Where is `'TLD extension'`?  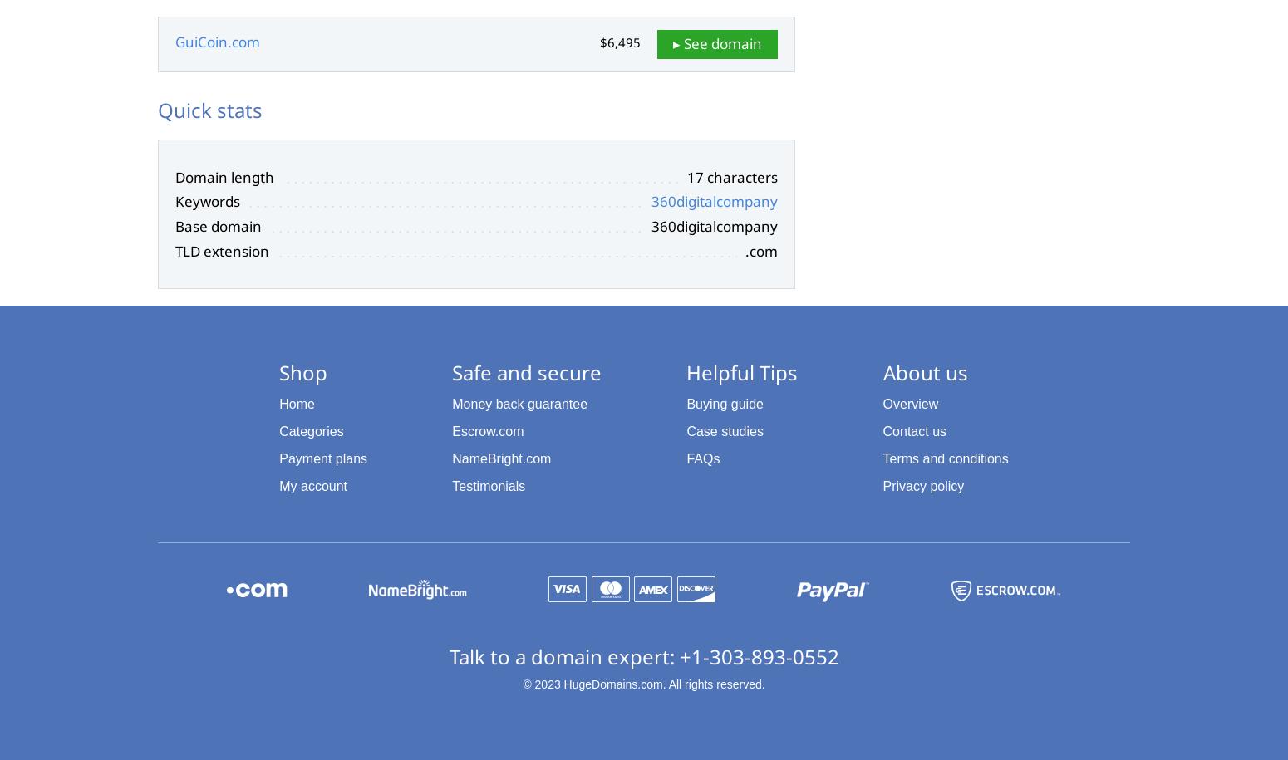 'TLD extension' is located at coordinates (222, 249).